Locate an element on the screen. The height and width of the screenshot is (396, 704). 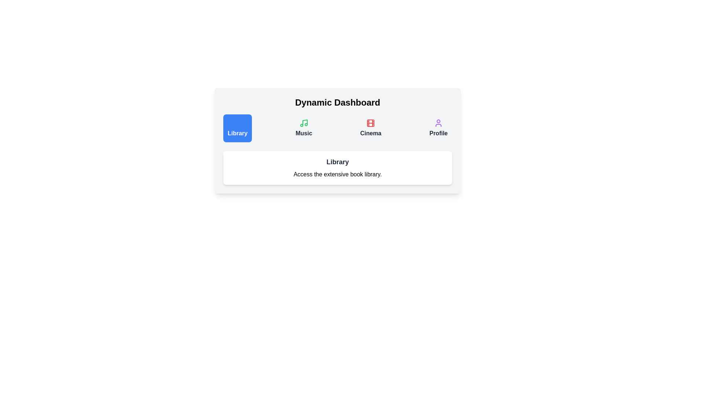
the tab button labeled Cinema to switch to that tab is located at coordinates (371, 128).